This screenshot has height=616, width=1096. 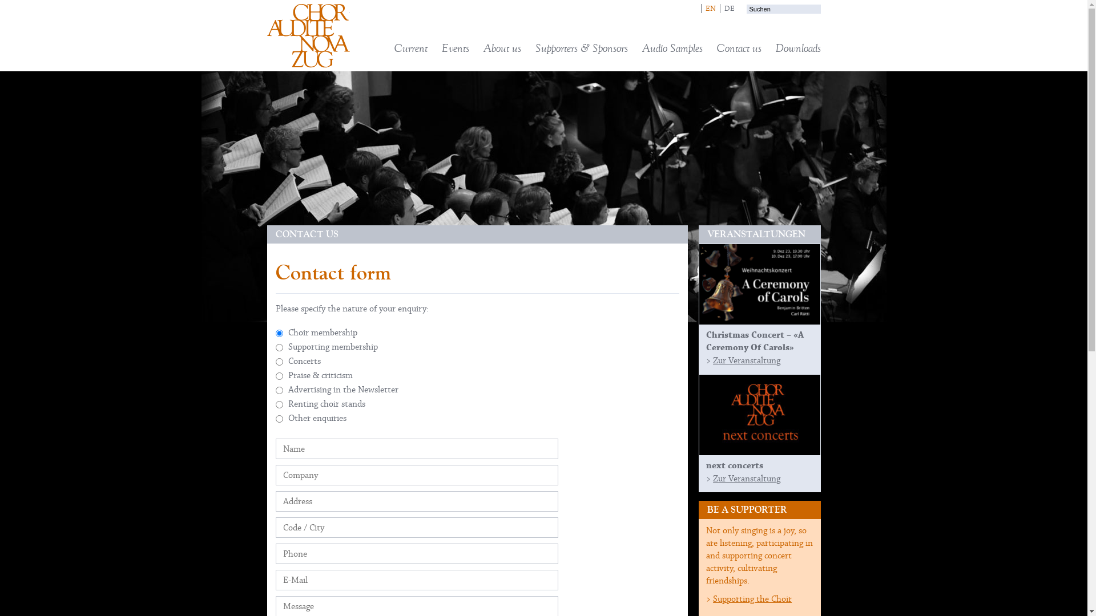 What do you see at coordinates (501, 47) in the screenshot?
I see `'About us'` at bounding box center [501, 47].